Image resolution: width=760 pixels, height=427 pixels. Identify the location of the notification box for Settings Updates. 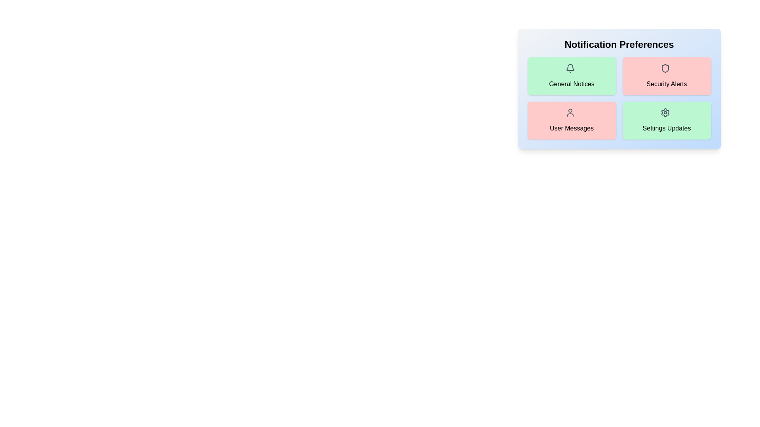
(666, 120).